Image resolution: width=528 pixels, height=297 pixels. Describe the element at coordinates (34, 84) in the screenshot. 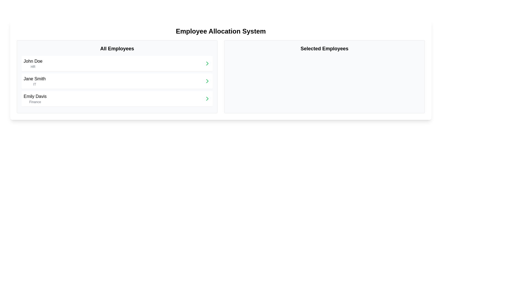

I see `the text label denoting the department or role 'IT' associated with 'Jane Smith' located in the 'All Employees' section, just beneath the name` at that location.